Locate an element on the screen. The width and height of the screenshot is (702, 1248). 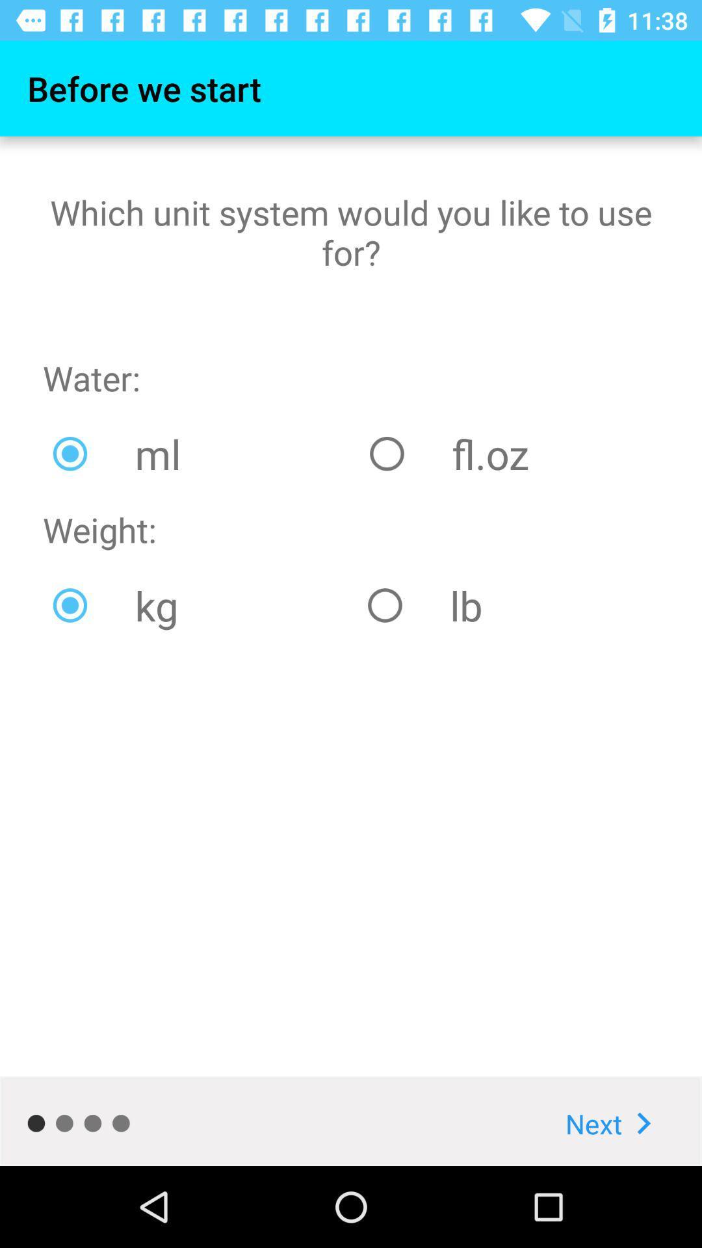
the icon above weight: icon is located at coordinates (201, 454).